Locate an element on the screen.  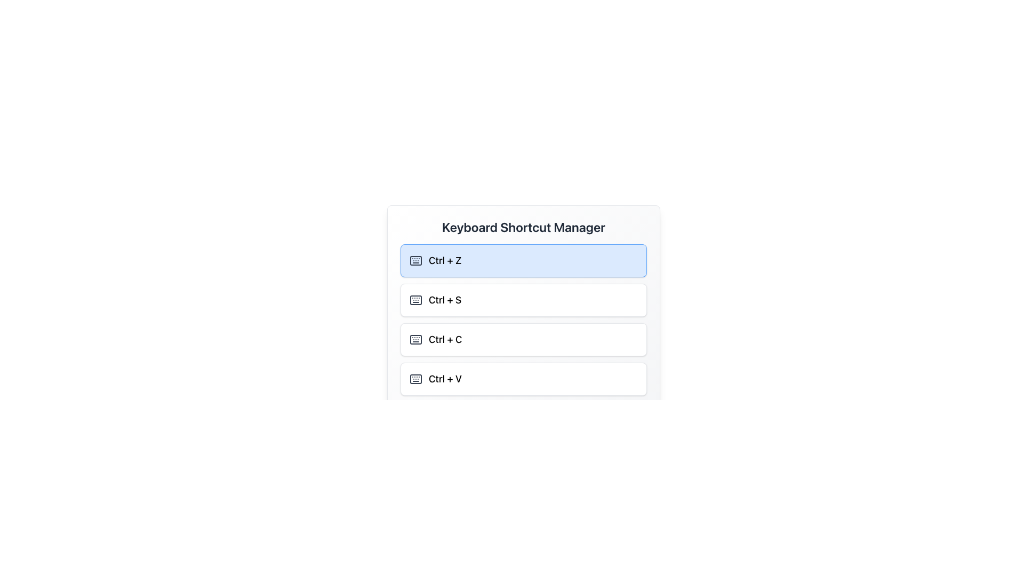
the text label that describes the keyboard shortcut 'Ctrl + S', which is positioned between the 'Ctrl + Z' and 'Ctrl + C' cards in the vertical list is located at coordinates (445, 300).